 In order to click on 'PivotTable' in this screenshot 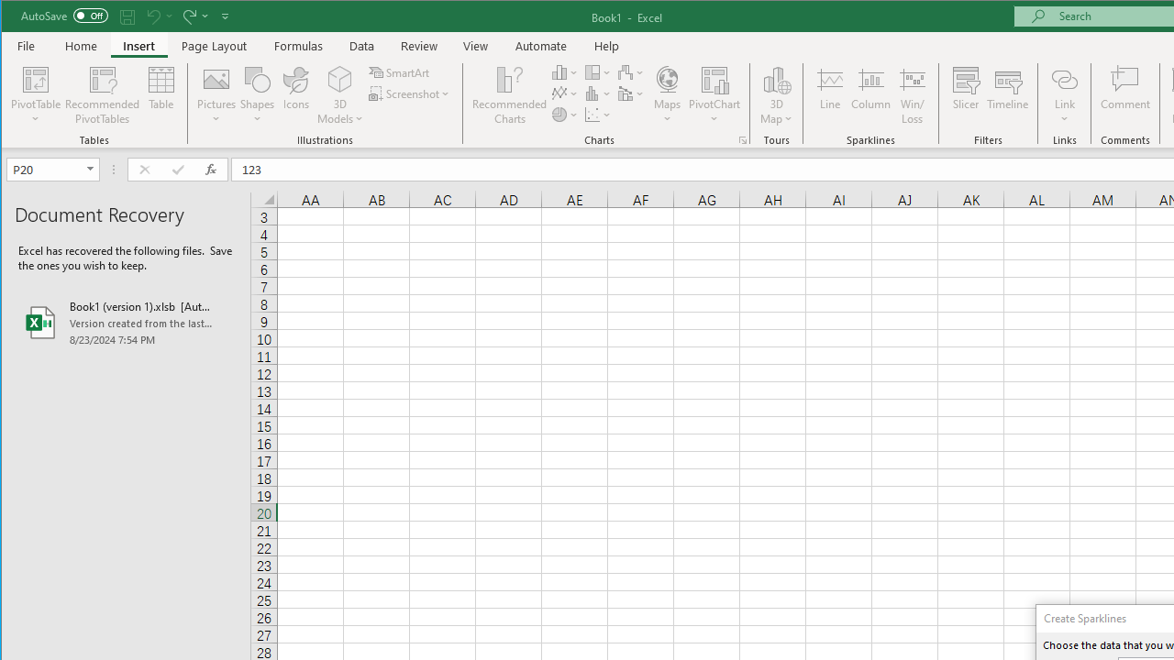, I will do `click(36, 95)`.